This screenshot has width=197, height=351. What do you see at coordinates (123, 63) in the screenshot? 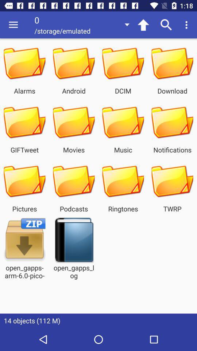
I see `the image which is above the dcim` at bounding box center [123, 63].